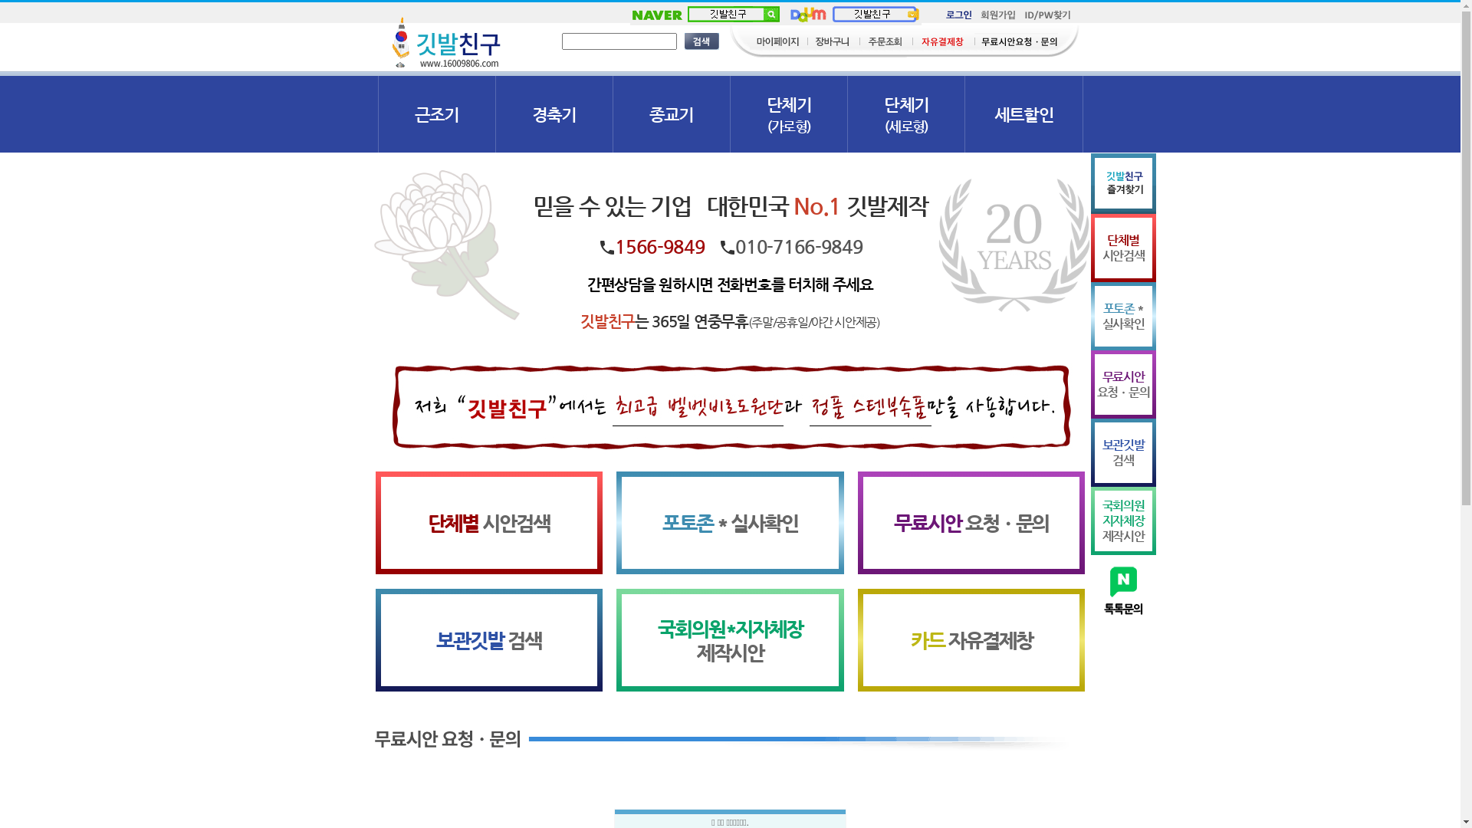 The width and height of the screenshot is (1472, 828). I want to click on '1566-9849', so click(659, 245).